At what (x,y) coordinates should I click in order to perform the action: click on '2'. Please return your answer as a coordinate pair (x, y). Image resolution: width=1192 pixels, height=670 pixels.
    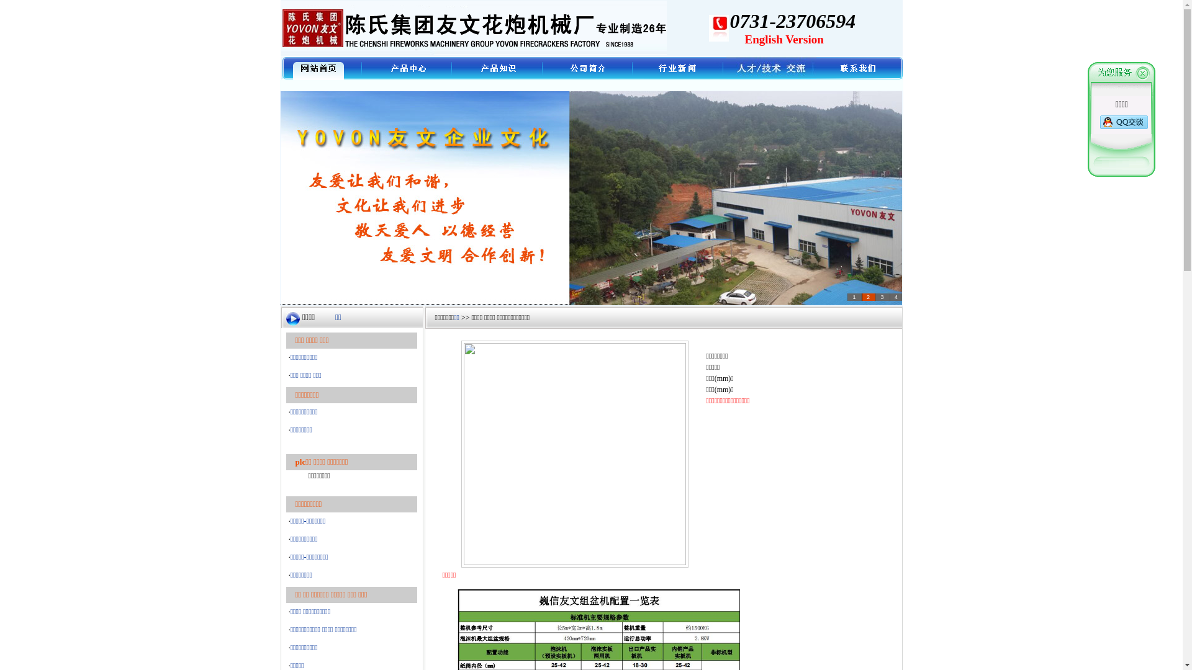
    Looking at the image, I should click on (868, 297).